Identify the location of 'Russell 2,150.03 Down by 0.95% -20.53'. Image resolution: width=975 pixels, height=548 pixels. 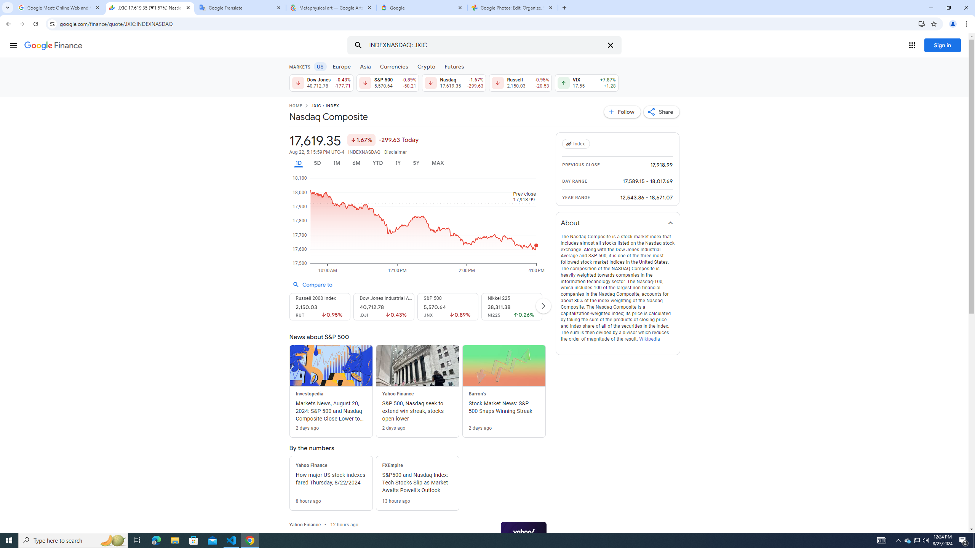
(520, 83).